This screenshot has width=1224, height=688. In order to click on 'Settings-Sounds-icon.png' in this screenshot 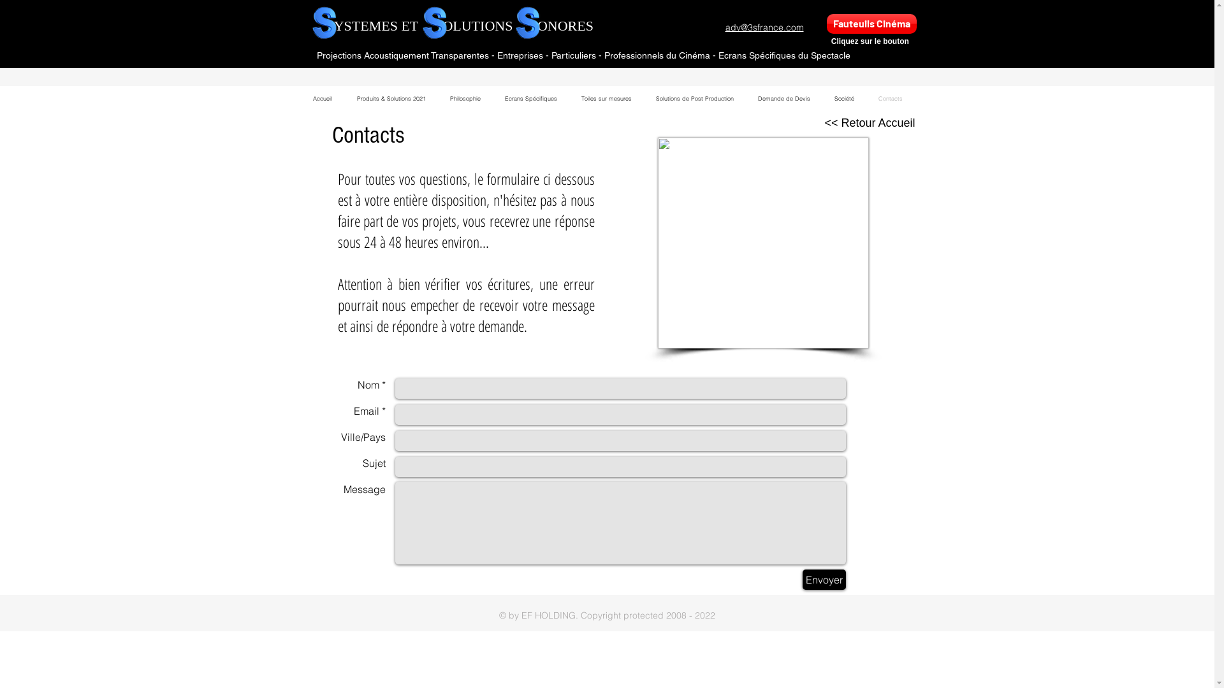, I will do `click(763, 243)`.